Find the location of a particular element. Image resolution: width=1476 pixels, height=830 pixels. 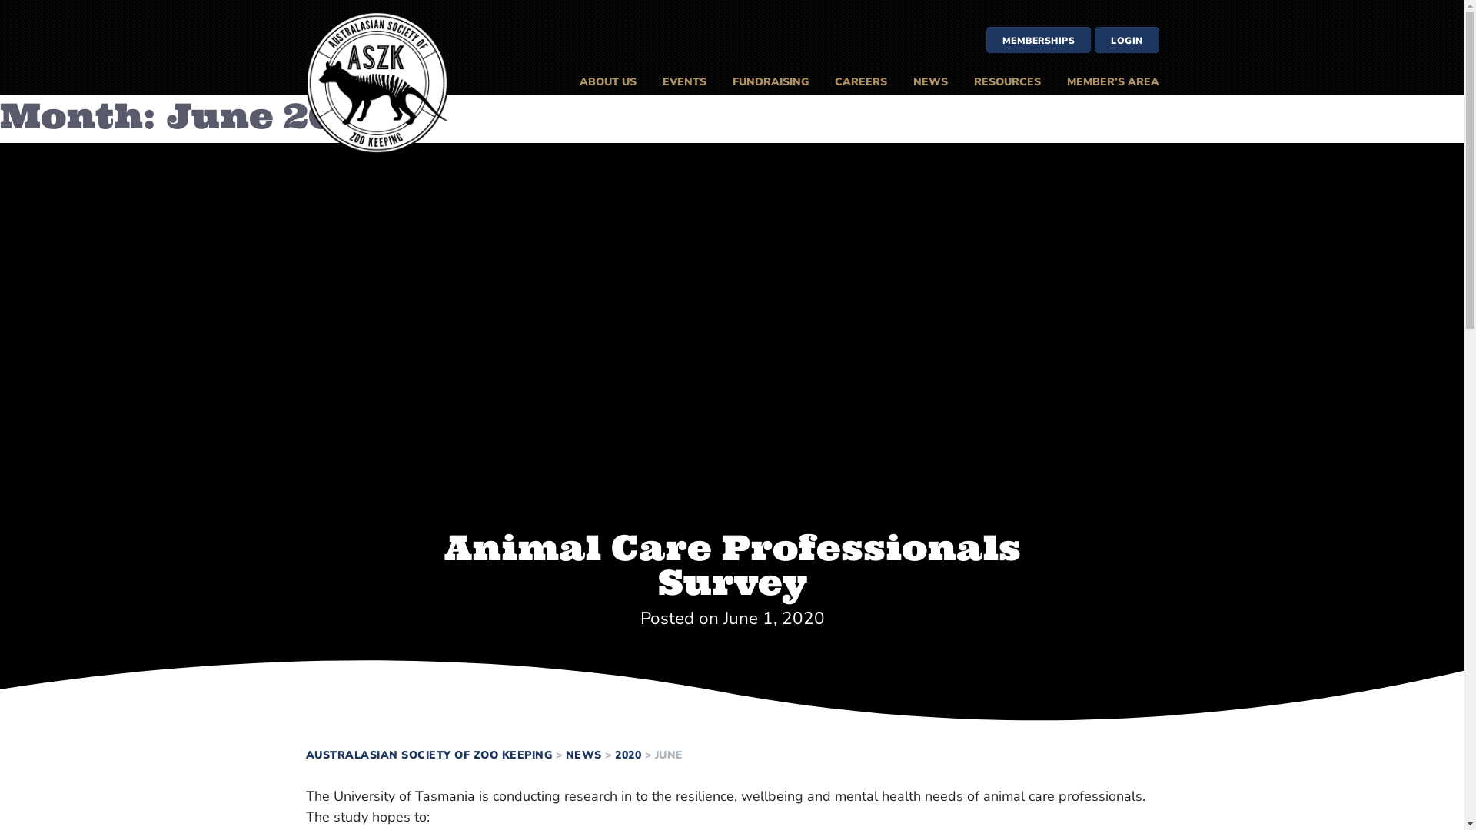

'2020' is located at coordinates (627, 754).